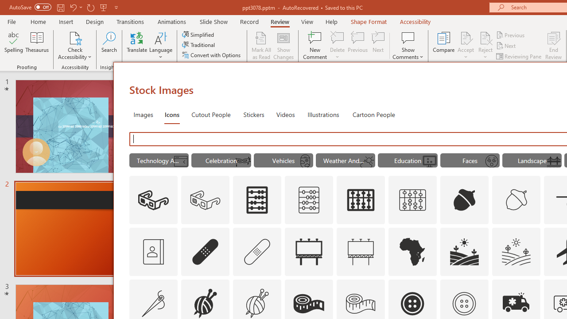  What do you see at coordinates (345, 160) in the screenshot?
I see `'"Weather And Seasons" Icons.'` at bounding box center [345, 160].